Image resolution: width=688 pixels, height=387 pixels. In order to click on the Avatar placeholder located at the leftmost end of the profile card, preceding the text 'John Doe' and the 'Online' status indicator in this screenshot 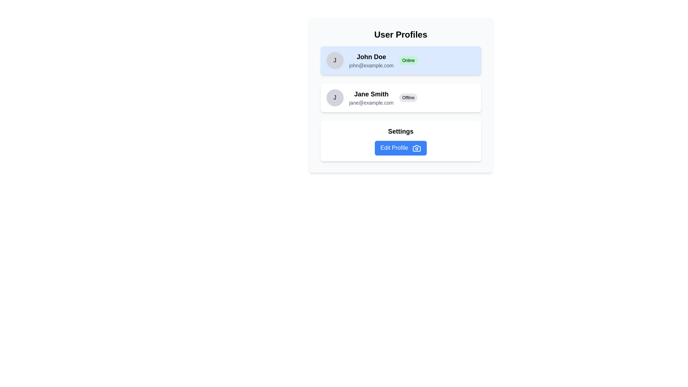, I will do `click(334, 60)`.